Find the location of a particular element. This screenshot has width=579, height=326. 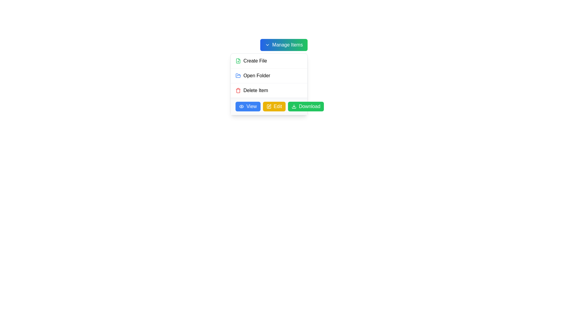

the red trash can icon next to the 'Delete Item' label in the dropdown menu is located at coordinates (238, 91).